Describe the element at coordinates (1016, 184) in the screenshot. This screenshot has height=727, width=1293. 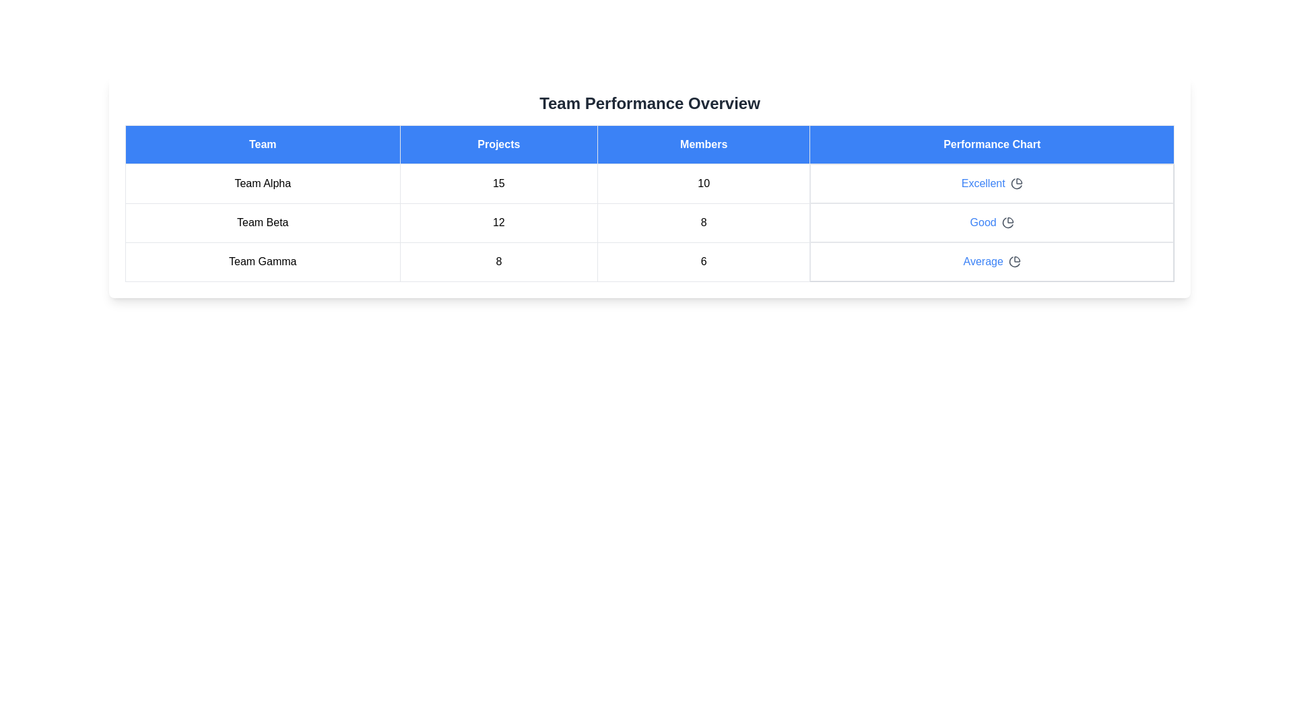
I see `the performance chart icon for Team Alpha to view their performance details` at that location.